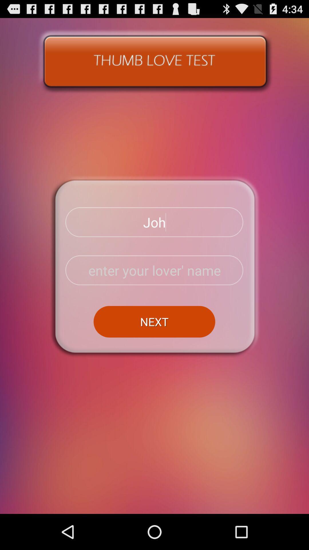 This screenshot has height=550, width=309. Describe the element at coordinates (154, 270) in the screenshot. I see `name button` at that location.